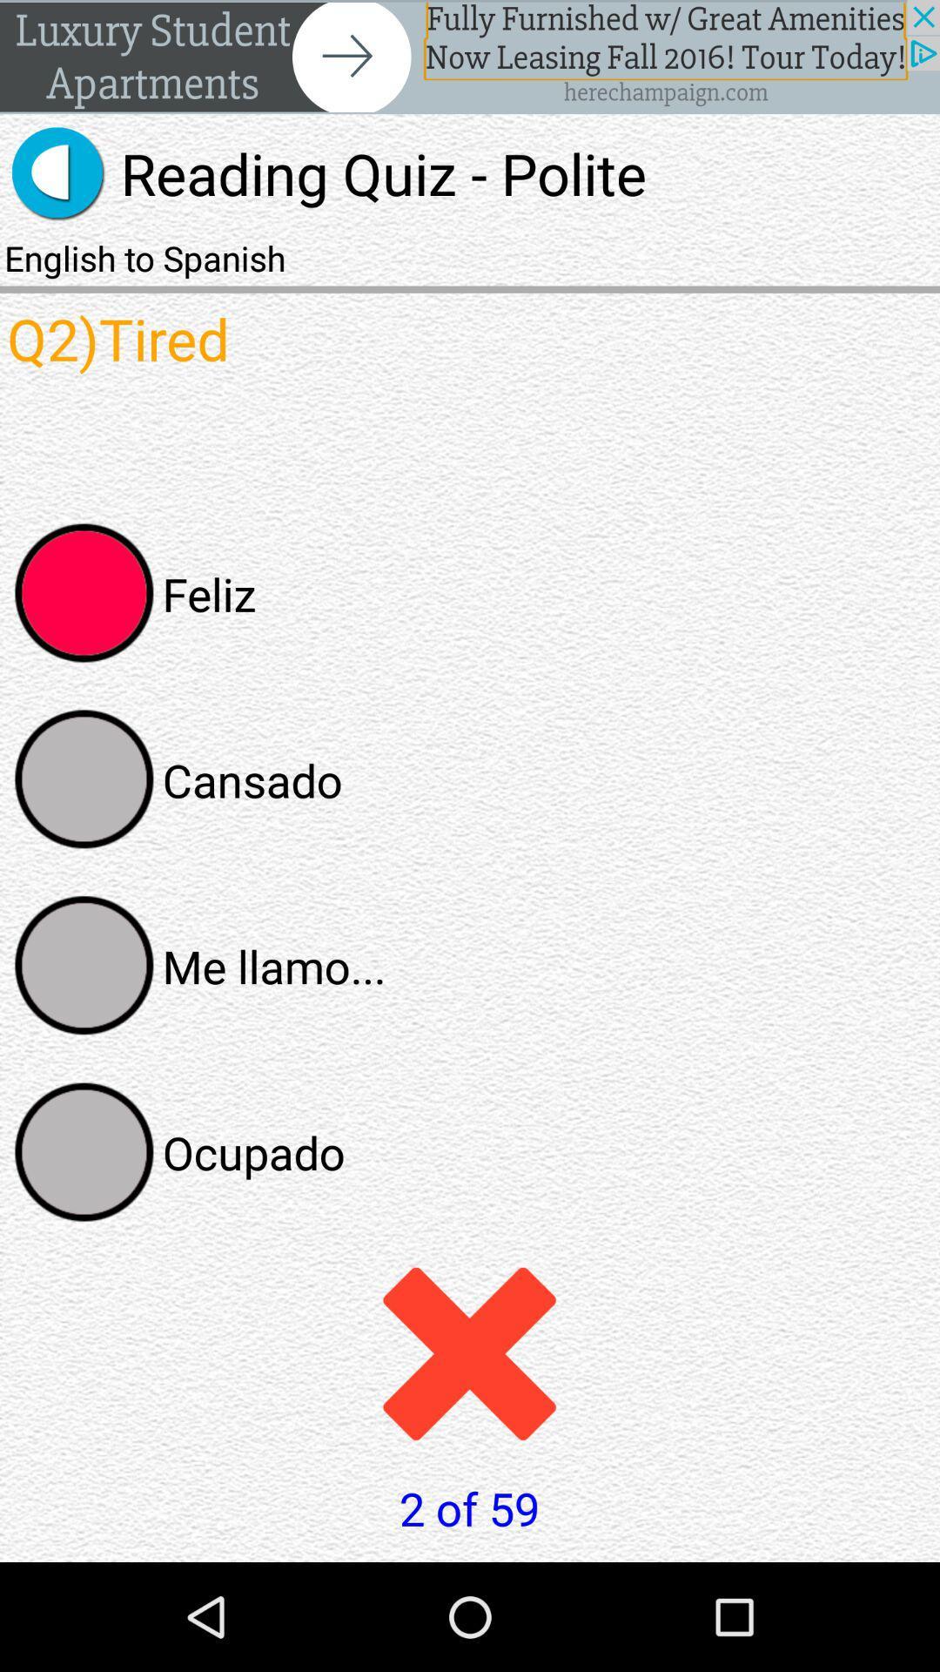 The image size is (940, 1672). What do you see at coordinates (84, 965) in the screenshot?
I see `this answer` at bounding box center [84, 965].